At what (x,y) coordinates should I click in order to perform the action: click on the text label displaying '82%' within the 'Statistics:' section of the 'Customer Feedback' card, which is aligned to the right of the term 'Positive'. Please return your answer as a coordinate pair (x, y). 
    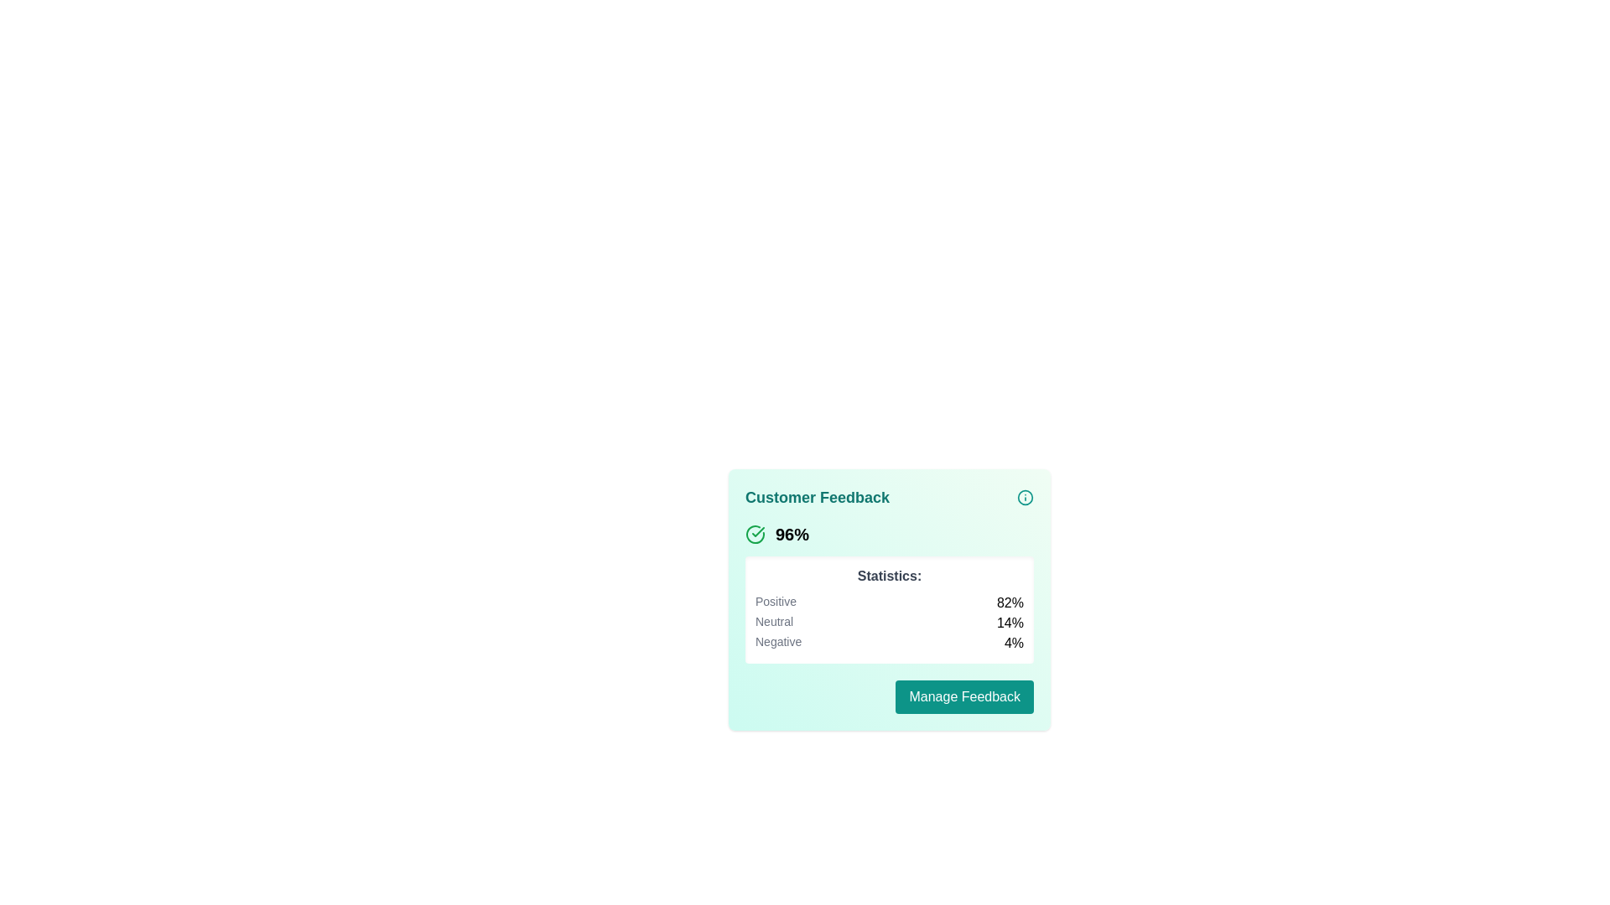
    Looking at the image, I should click on (1009, 603).